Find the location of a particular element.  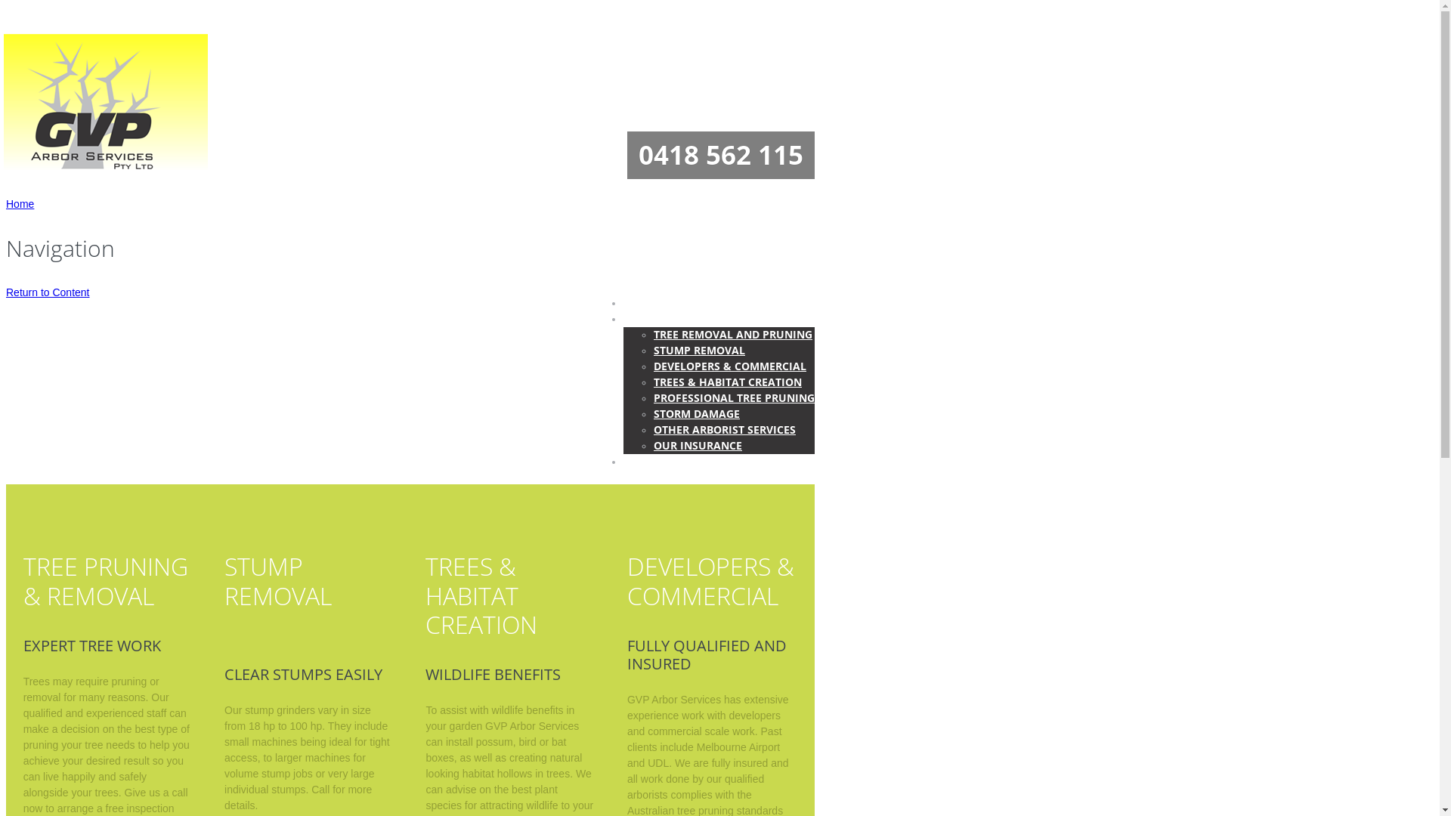

'TREES & HABITAT CREATION' is located at coordinates (728, 381).